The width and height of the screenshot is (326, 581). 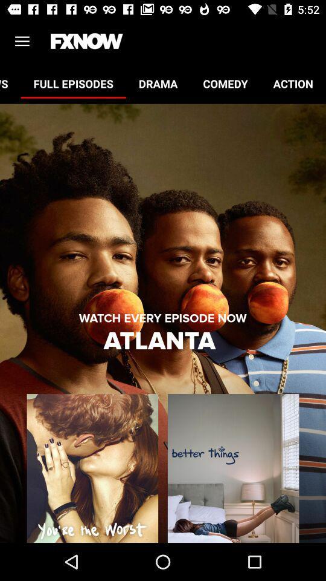 What do you see at coordinates (73, 83) in the screenshot?
I see `the item next to the drama` at bounding box center [73, 83].